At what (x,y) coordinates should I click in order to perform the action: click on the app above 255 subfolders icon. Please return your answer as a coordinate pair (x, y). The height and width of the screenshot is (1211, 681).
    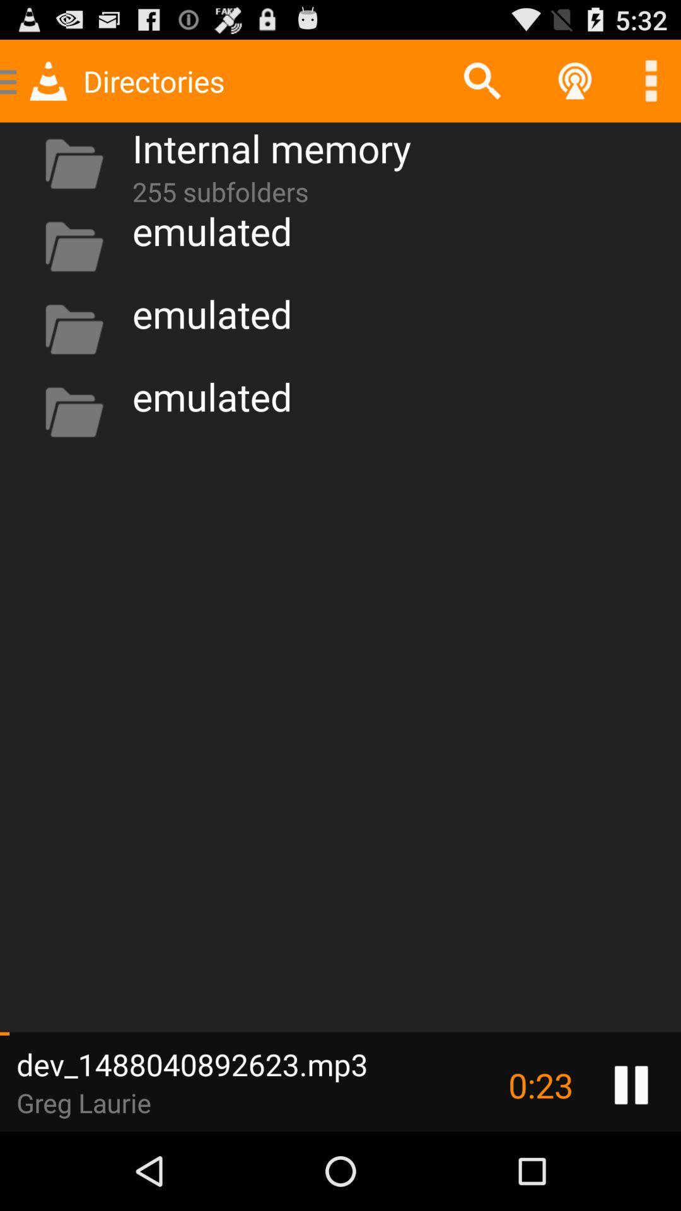
    Looking at the image, I should click on (271, 148).